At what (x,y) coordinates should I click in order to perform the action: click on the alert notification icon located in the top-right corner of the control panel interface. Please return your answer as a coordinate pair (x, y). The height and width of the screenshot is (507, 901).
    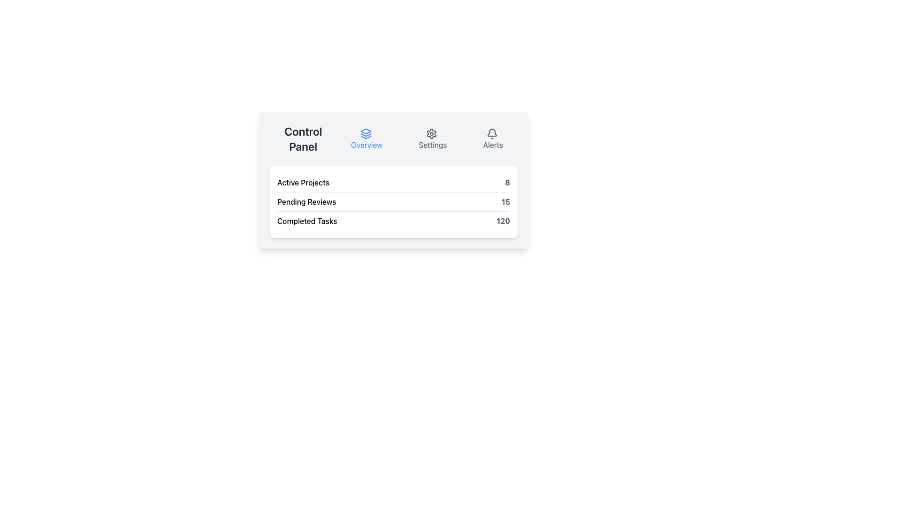
    Looking at the image, I should click on (491, 133).